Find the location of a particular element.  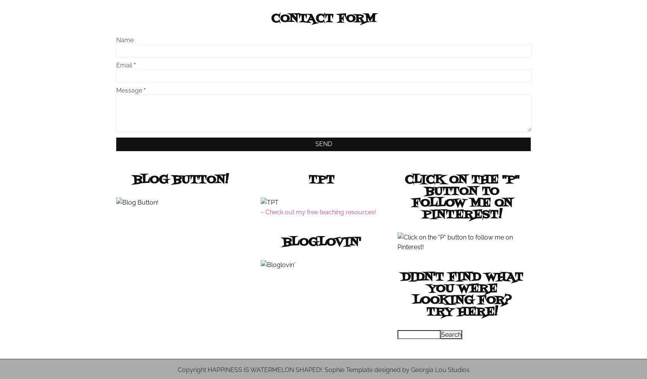

'Copyright' is located at coordinates (192, 369).